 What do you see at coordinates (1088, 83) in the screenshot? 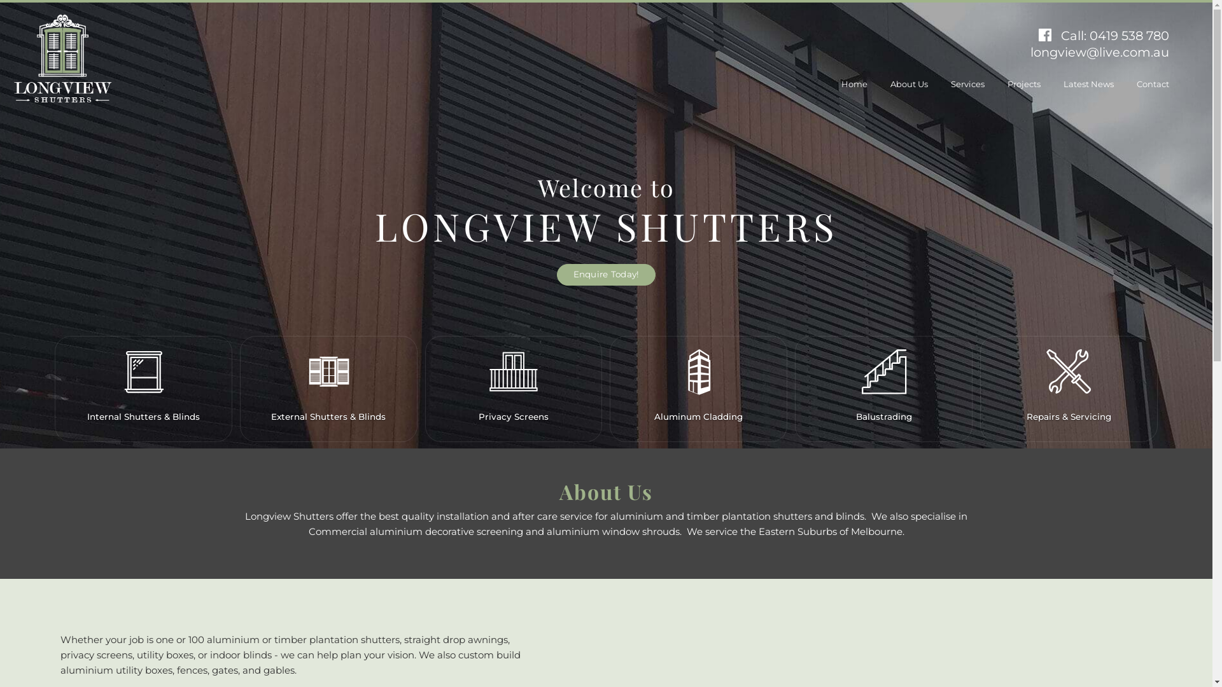
I see `'Latest News'` at bounding box center [1088, 83].